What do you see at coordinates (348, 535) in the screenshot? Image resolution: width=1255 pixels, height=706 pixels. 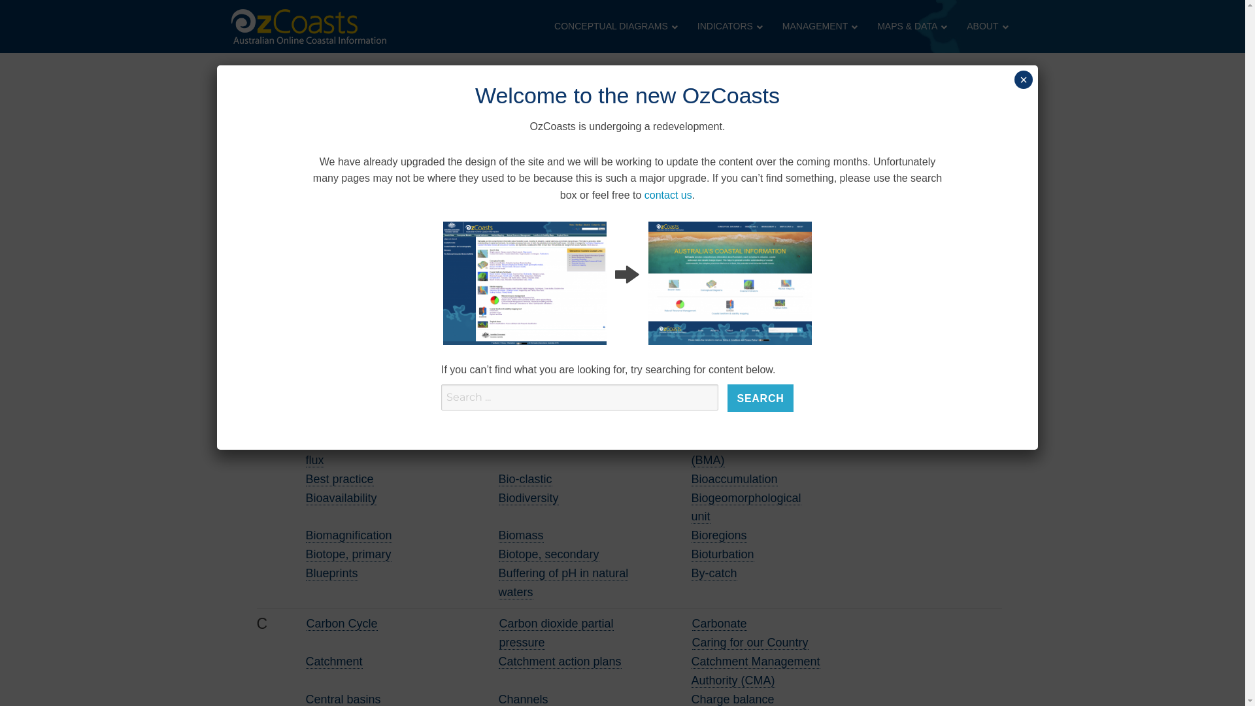 I see `'Biomagnification'` at bounding box center [348, 535].